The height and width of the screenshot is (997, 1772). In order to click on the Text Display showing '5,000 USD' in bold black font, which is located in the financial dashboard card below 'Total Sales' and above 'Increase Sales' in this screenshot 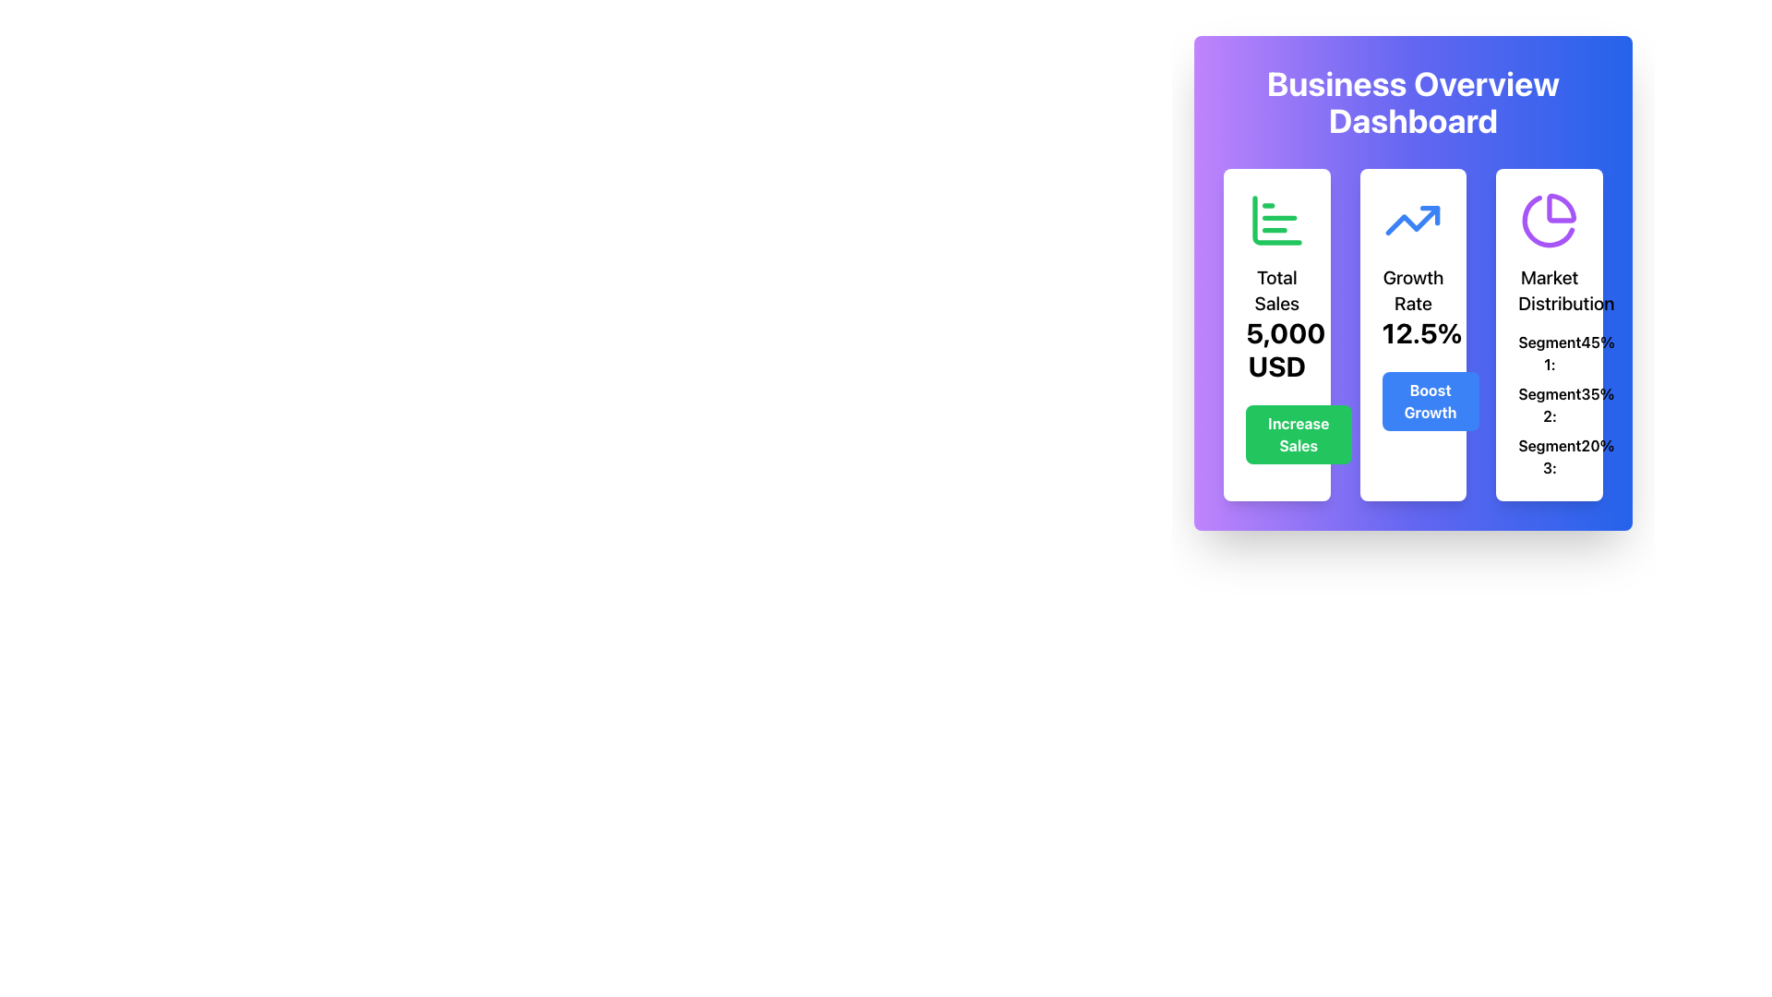, I will do `click(1275, 349)`.